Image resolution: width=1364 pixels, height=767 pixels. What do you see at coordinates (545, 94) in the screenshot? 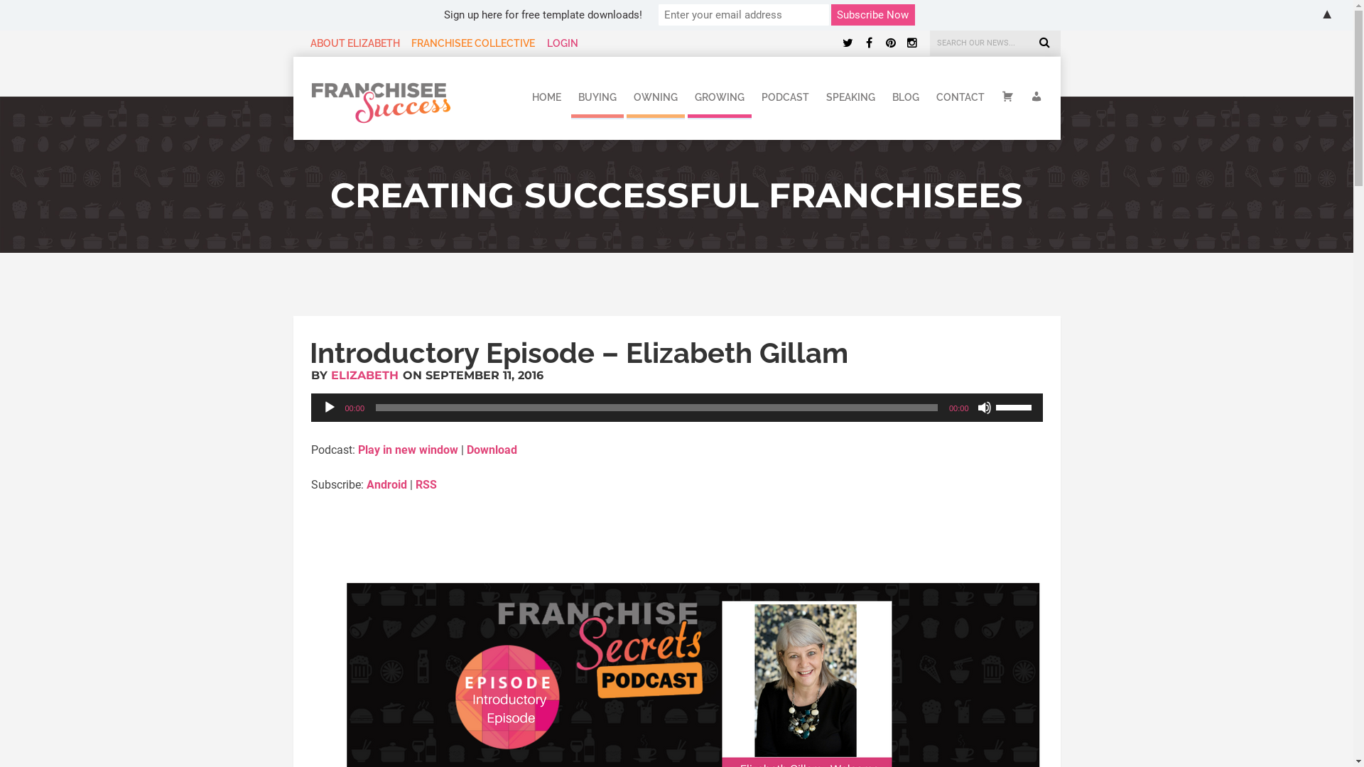
I see `'HOME'` at bounding box center [545, 94].